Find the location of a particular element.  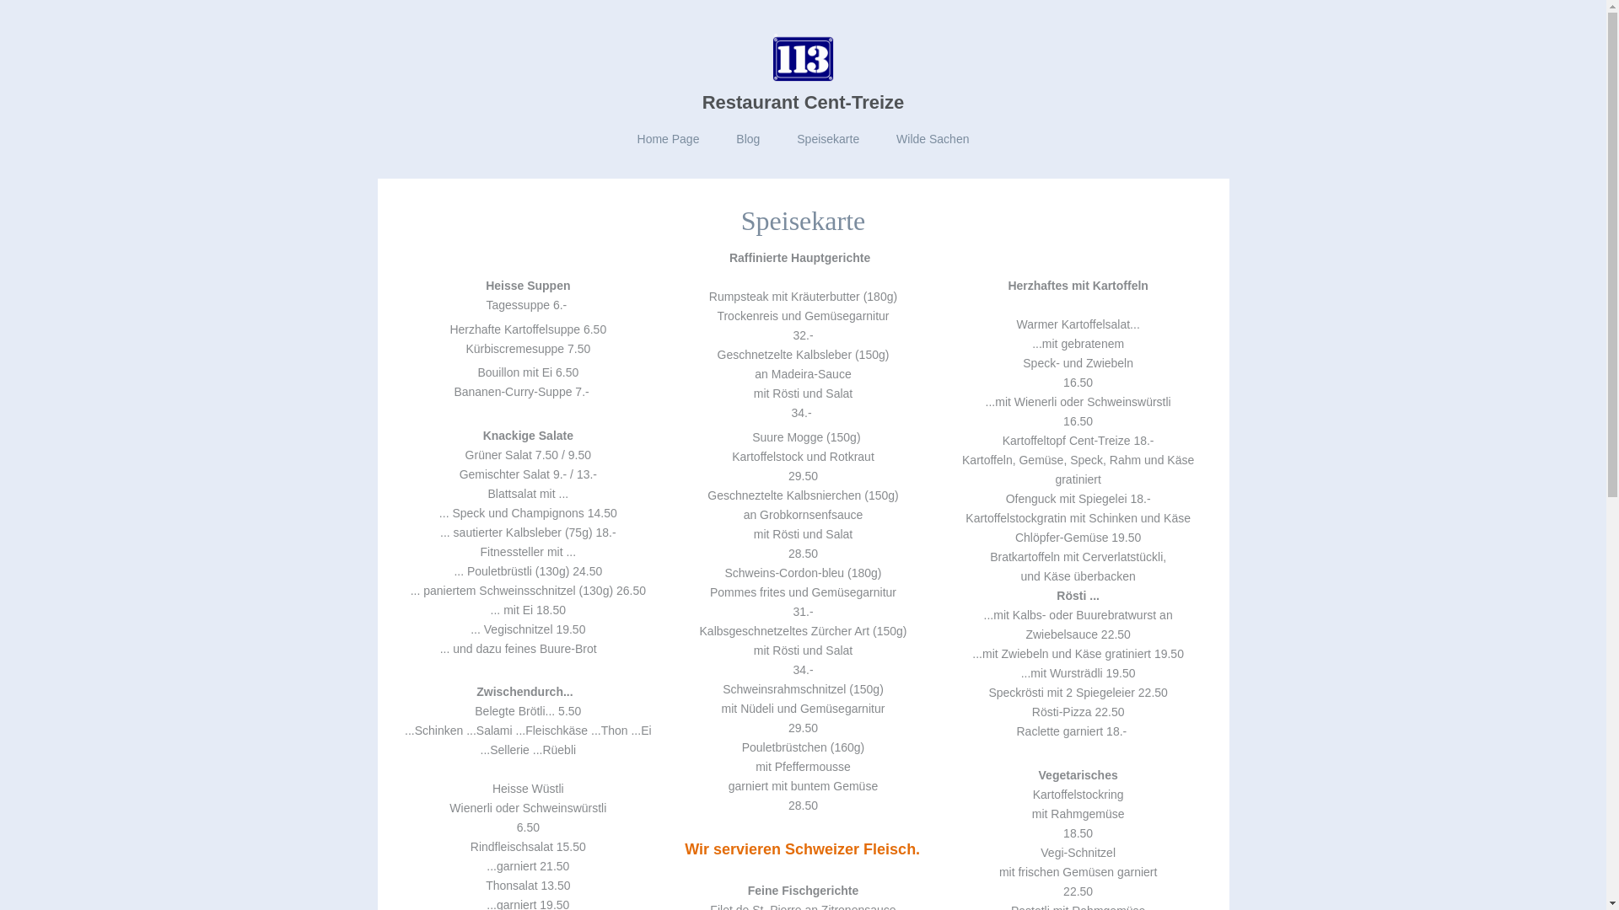

'Home Page' is located at coordinates (667, 138).